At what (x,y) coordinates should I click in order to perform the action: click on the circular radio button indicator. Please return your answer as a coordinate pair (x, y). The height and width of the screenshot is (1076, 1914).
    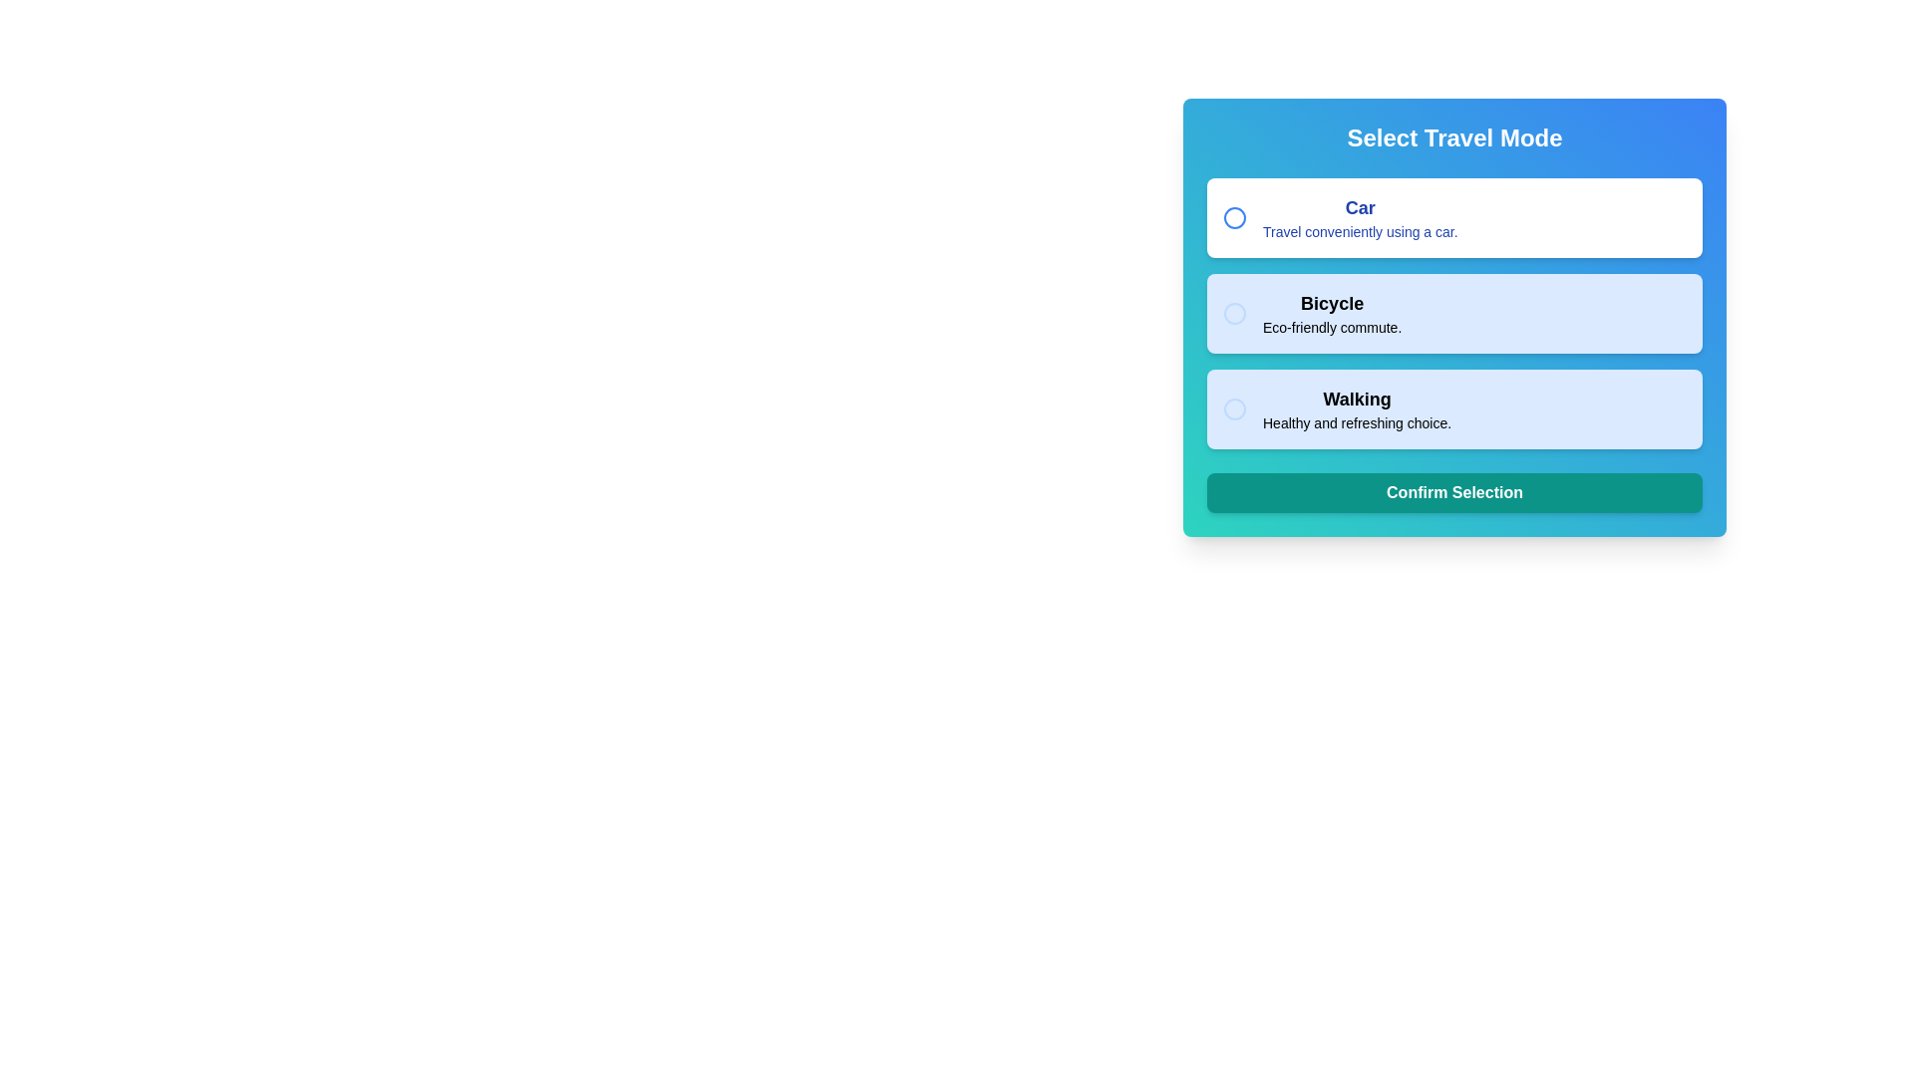
    Looking at the image, I should click on (1233, 218).